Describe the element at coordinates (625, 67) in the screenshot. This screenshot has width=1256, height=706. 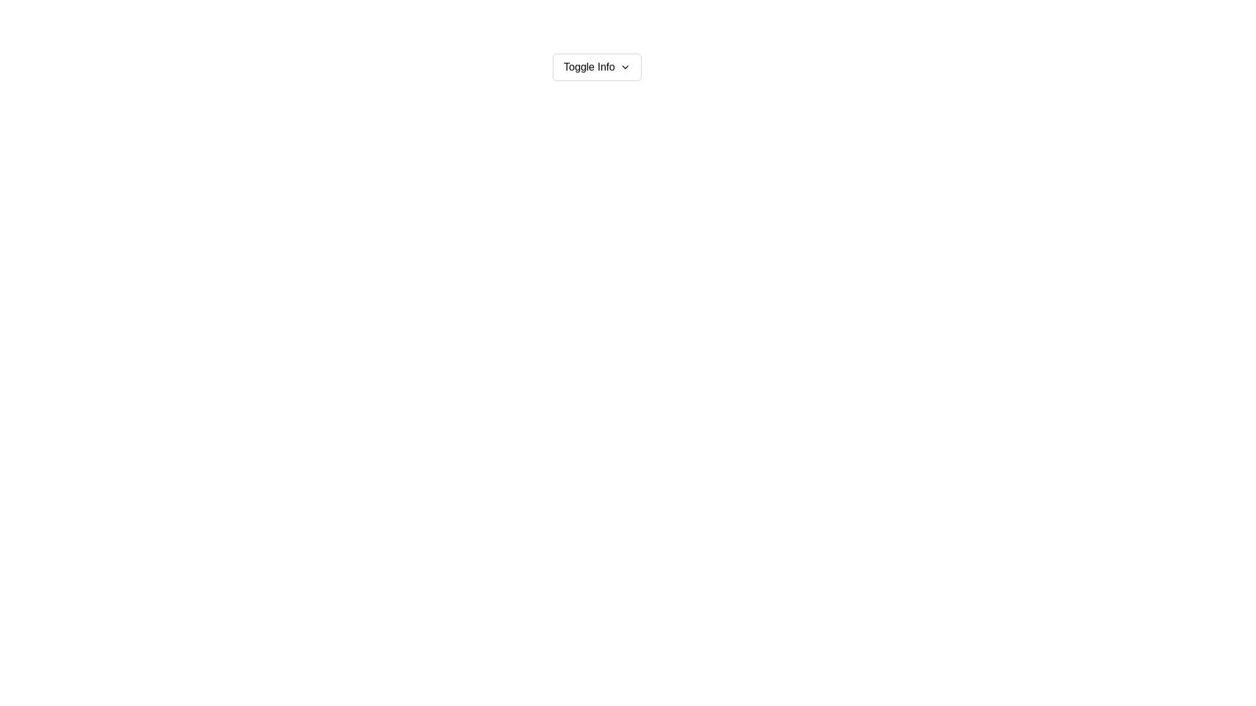
I see `the toggle icon located to the right of the 'Toggle Info' label` at that location.